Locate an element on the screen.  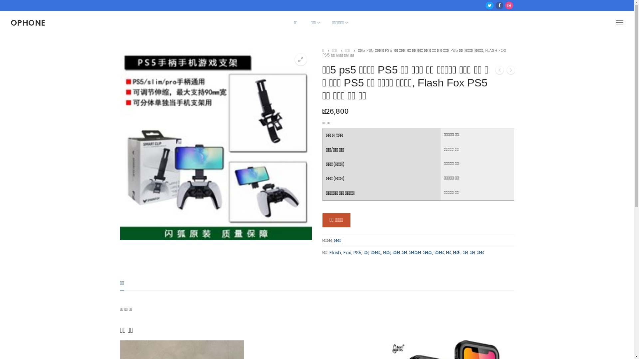
'Facebook' is located at coordinates (499, 5).